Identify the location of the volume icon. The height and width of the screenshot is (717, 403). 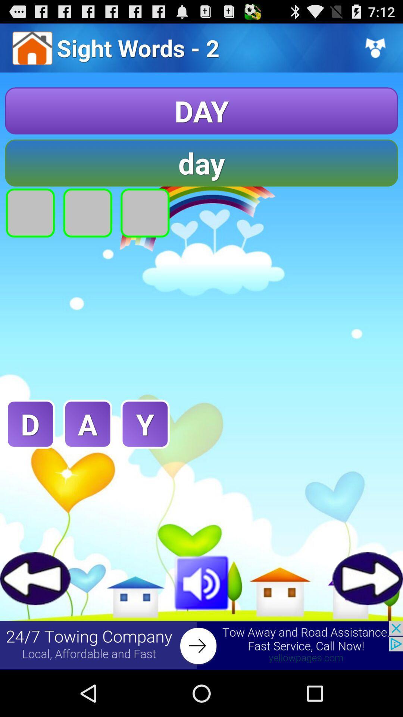
(201, 623).